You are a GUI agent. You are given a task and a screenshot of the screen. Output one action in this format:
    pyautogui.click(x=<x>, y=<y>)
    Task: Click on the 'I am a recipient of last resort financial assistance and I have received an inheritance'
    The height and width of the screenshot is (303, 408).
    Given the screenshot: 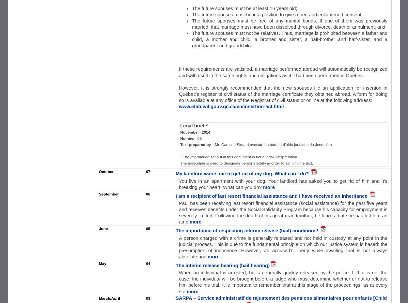 What is the action you would take?
    pyautogui.click(x=272, y=195)
    